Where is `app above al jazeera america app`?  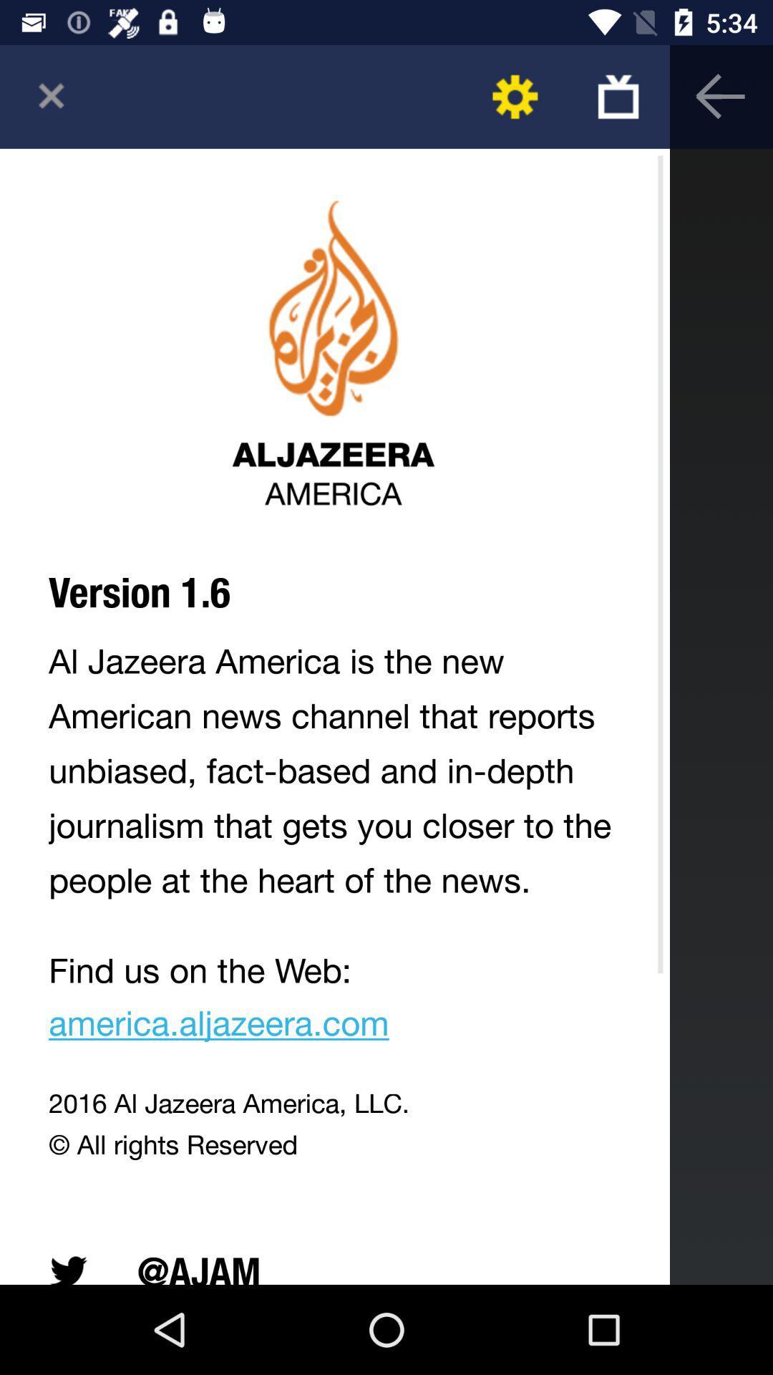
app above al jazeera america app is located at coordinates (617, 96).